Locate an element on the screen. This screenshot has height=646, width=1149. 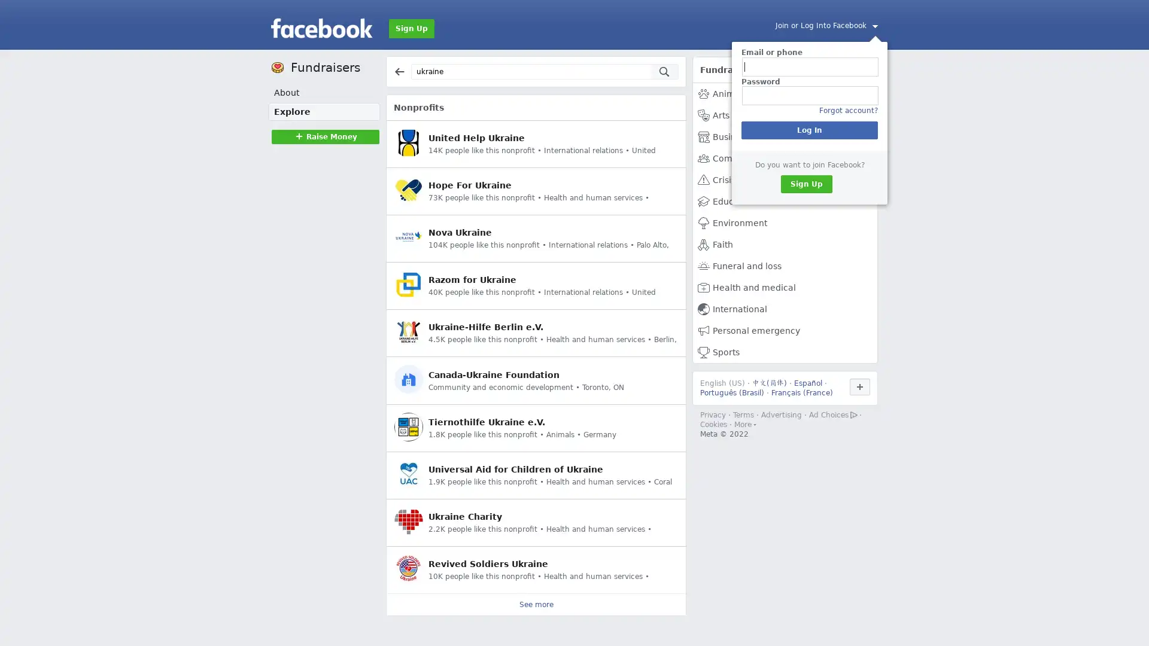
Raise MoneyRaise Money is located at coordinates (325, 135).